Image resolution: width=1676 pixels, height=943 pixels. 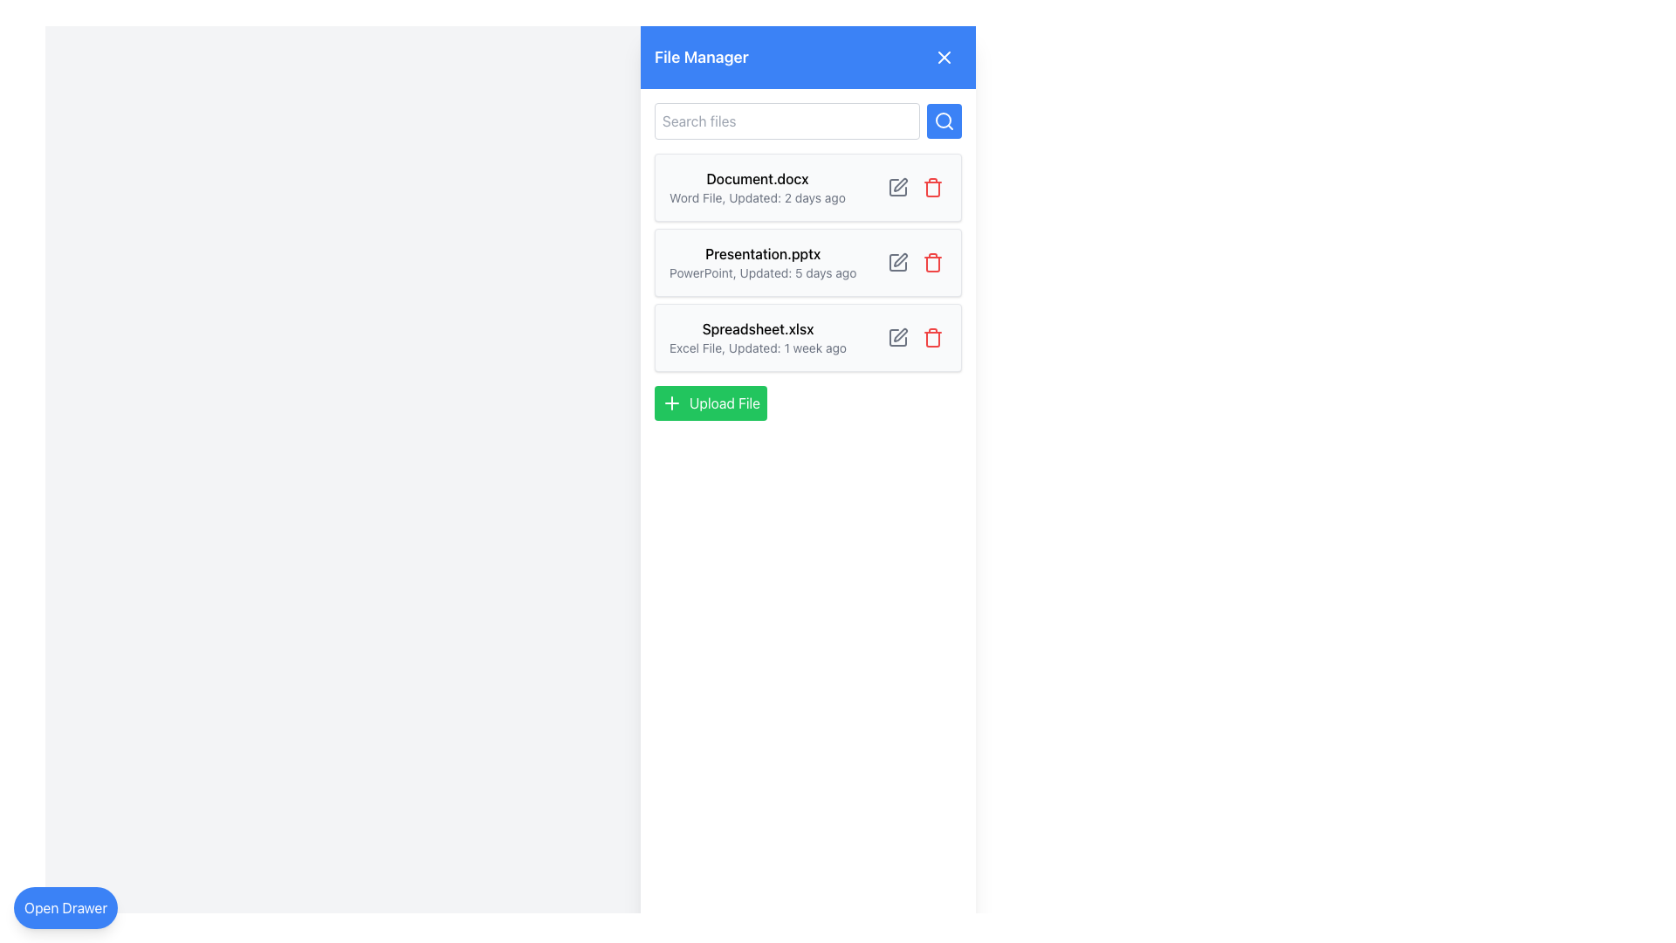 What do you see at coordinates (897, 337) in the screenshot?
I see `the gray circular icon button with a pencil illustration located on the right side of the file listing for 'Spreadsheet.xlsx'` at bounding box center [897, 337].